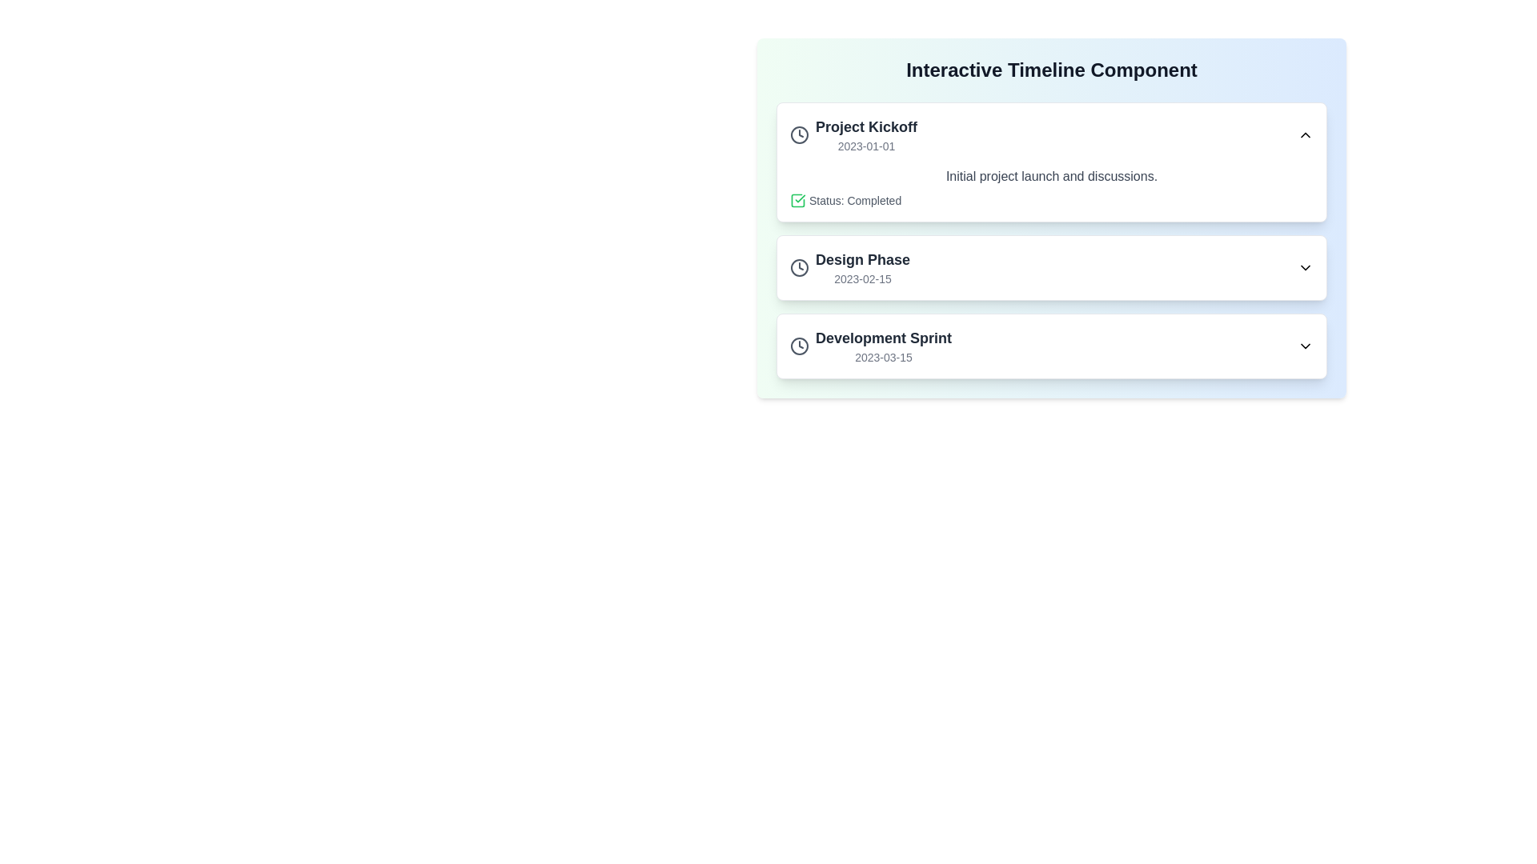 The width and height of the screenshot is (1537, 864). Describe the element at coordinates (870, 345) in the screenshot. I see `the third interactive entry in the timeline, which displays a stage name and associated date` at that location.